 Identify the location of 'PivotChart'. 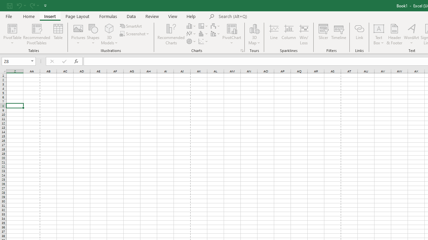
(232, 28).